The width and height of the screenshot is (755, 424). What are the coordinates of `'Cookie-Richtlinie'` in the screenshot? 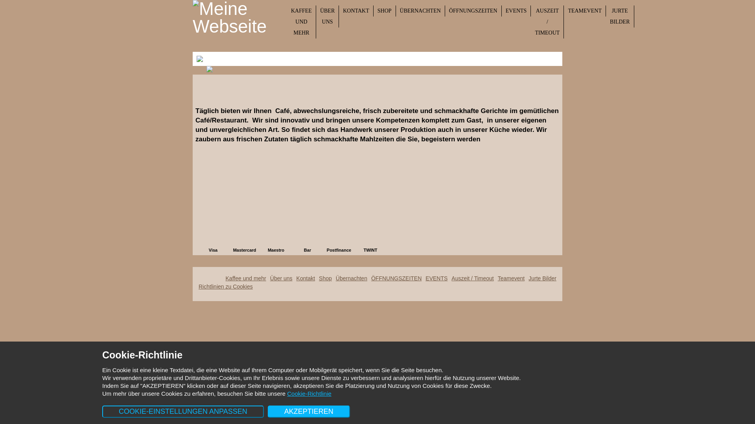 It's located at (309, 393).